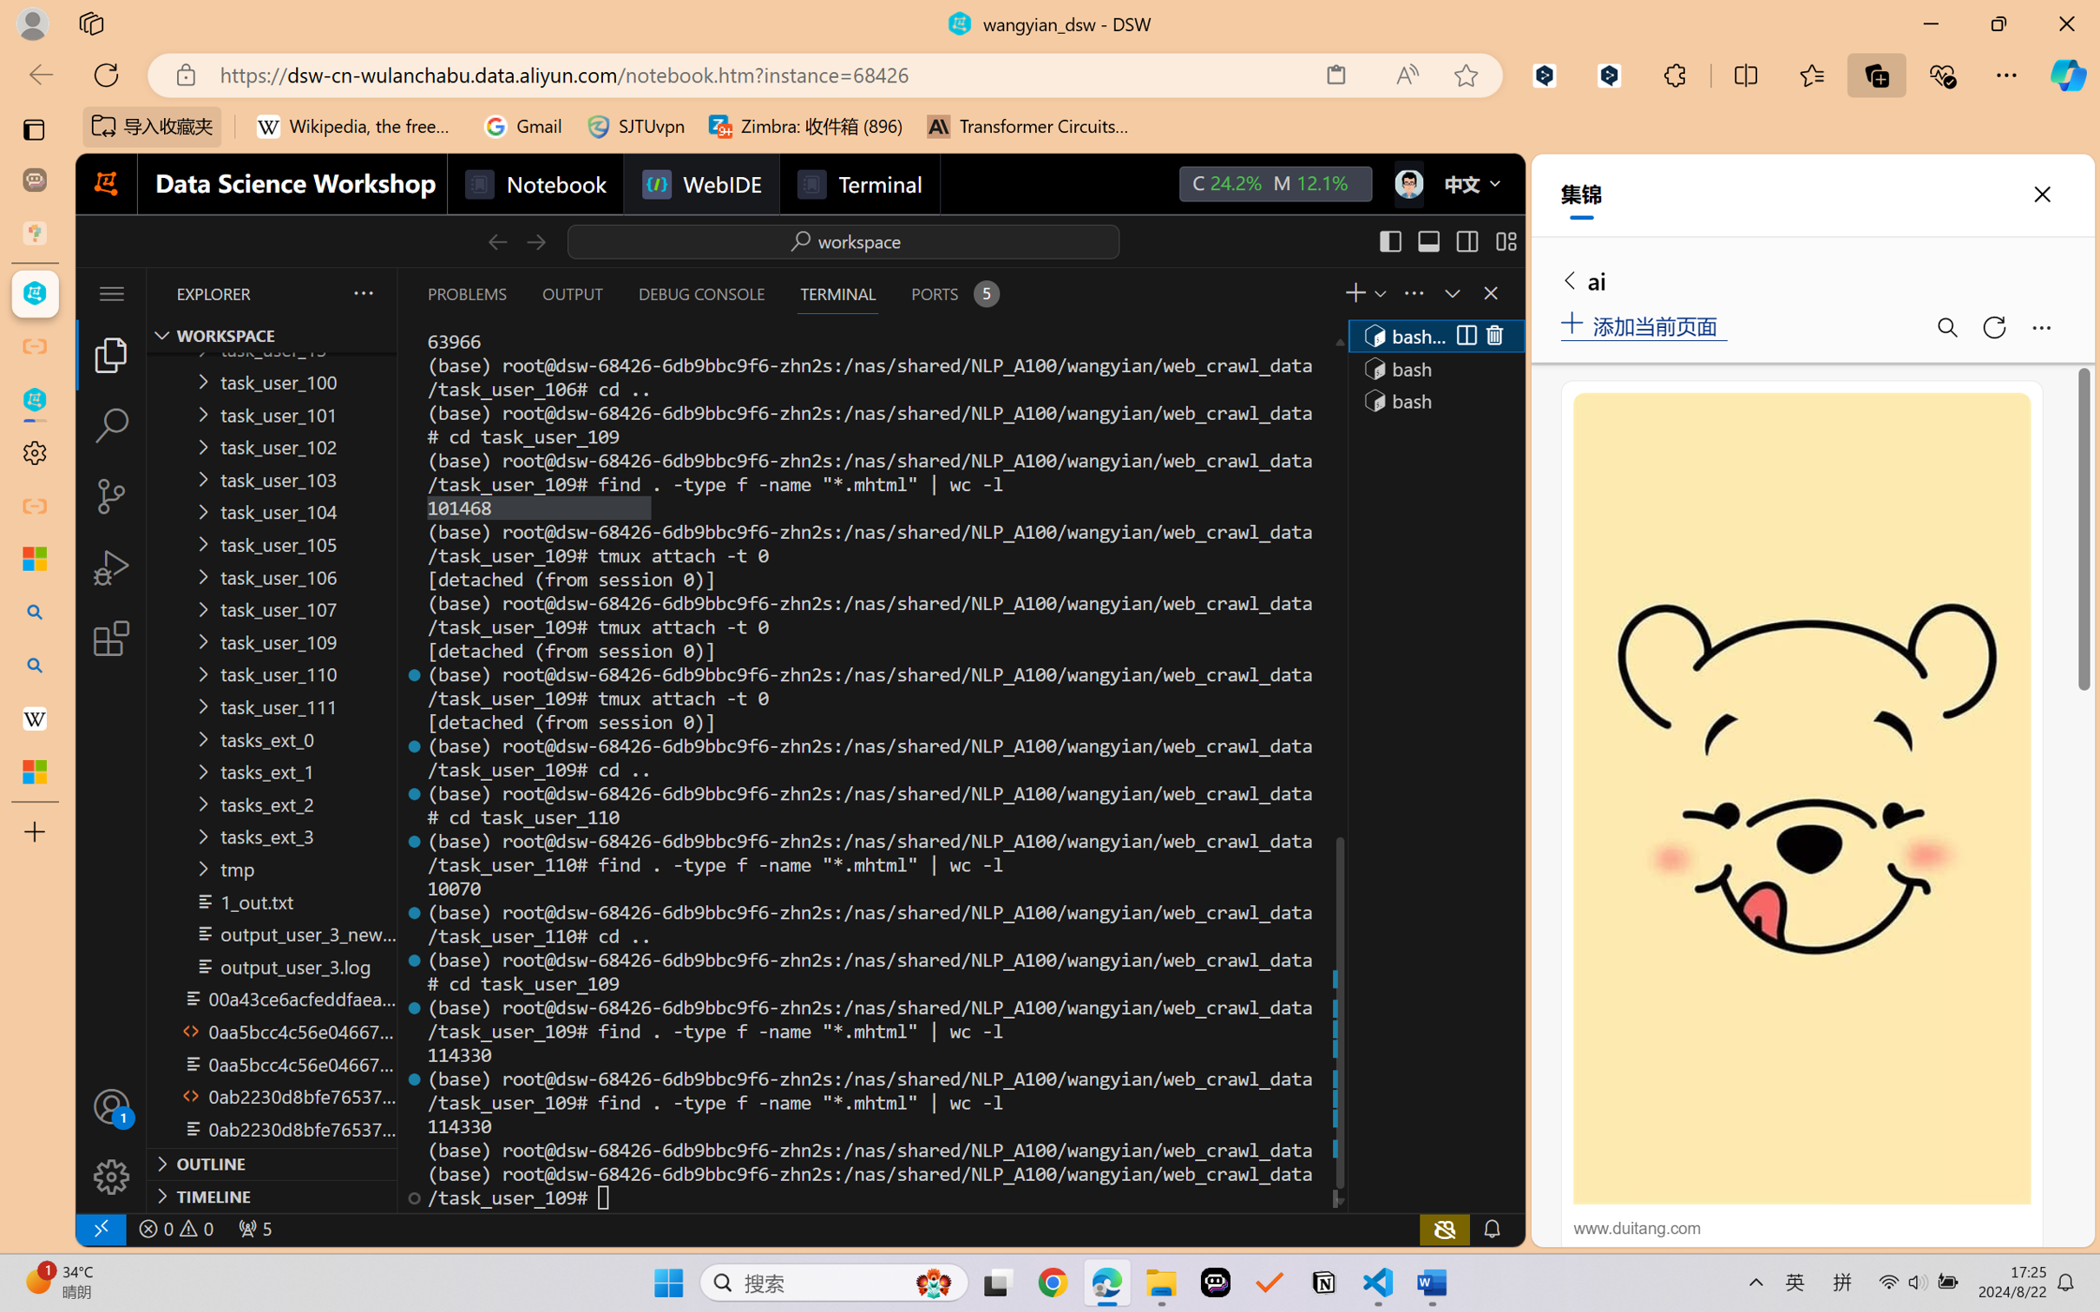 This screenshot has width=2100, height=1312. What do you see at coordinates (110, 638) in the screenshot?
I see `'Extensions (Ctrl+Shift+X)'` at bounding box center [110, 638].